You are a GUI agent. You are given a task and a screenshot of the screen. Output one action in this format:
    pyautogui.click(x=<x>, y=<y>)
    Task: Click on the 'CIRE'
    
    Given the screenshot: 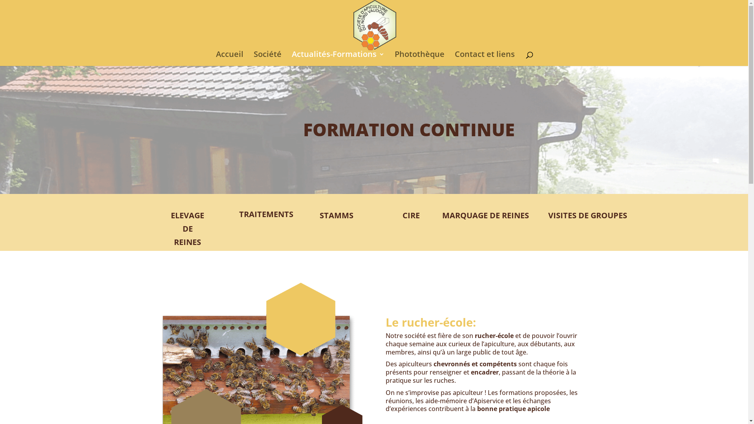 What is the action you would take?
    pyautogui.click(x=410, y=215)
    